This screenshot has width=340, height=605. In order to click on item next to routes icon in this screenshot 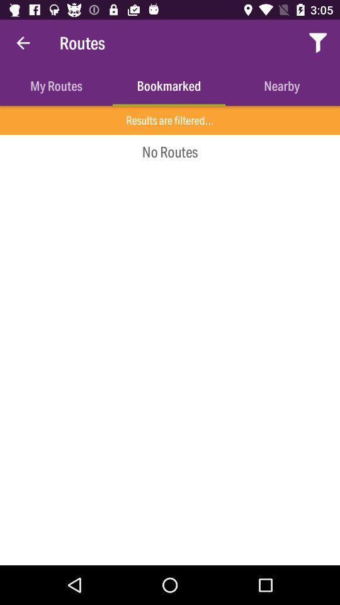, I will do `click(317, 43)`.